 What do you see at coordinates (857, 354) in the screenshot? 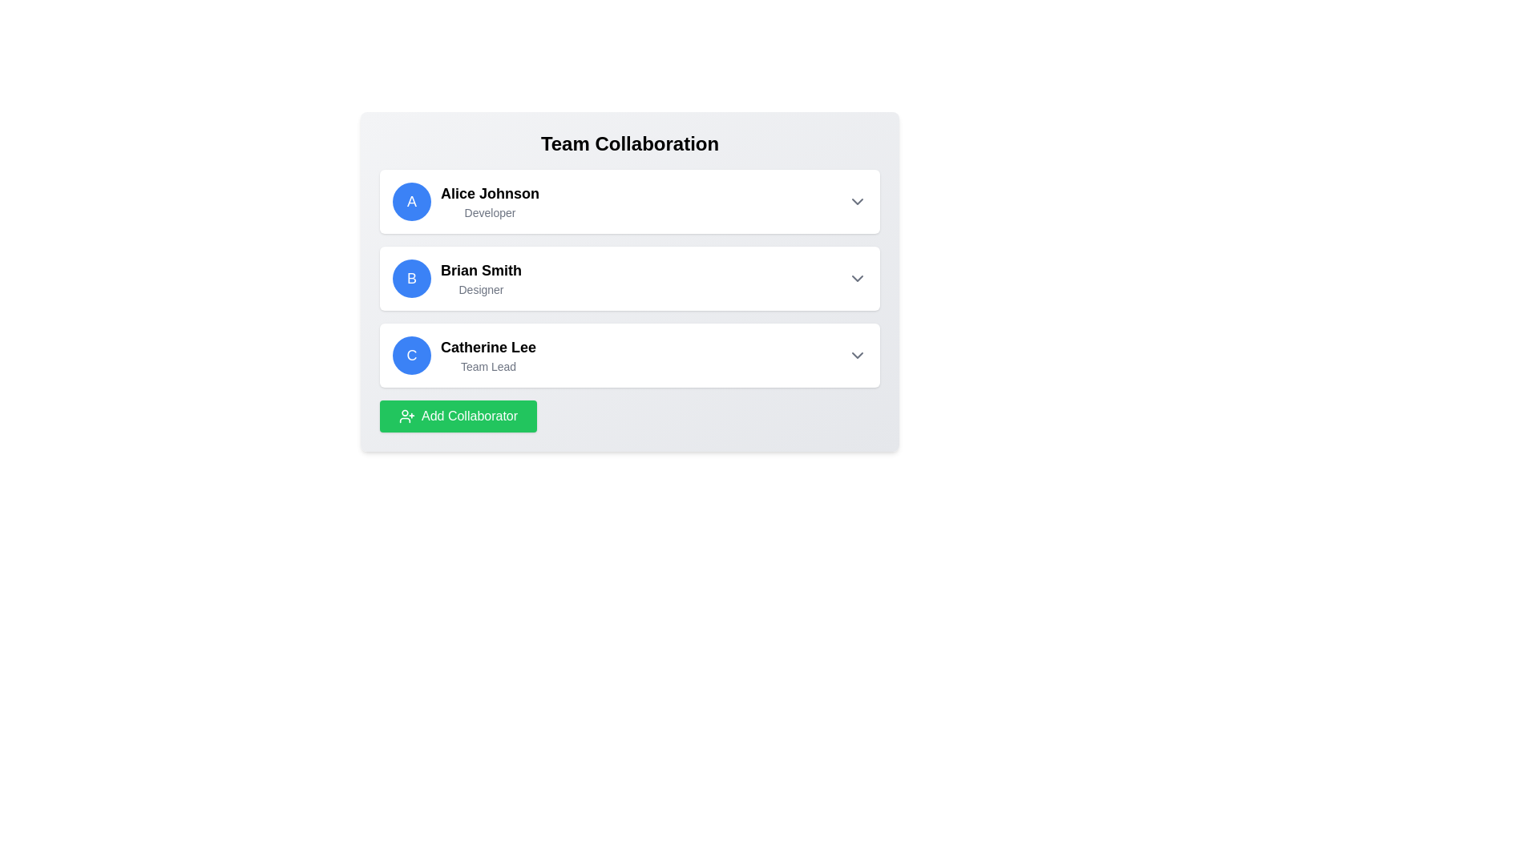
I see `the chevron button located at the rightmost area of the 'Catherine Lee Team Lead' entry` at bounding box center [857, 354].